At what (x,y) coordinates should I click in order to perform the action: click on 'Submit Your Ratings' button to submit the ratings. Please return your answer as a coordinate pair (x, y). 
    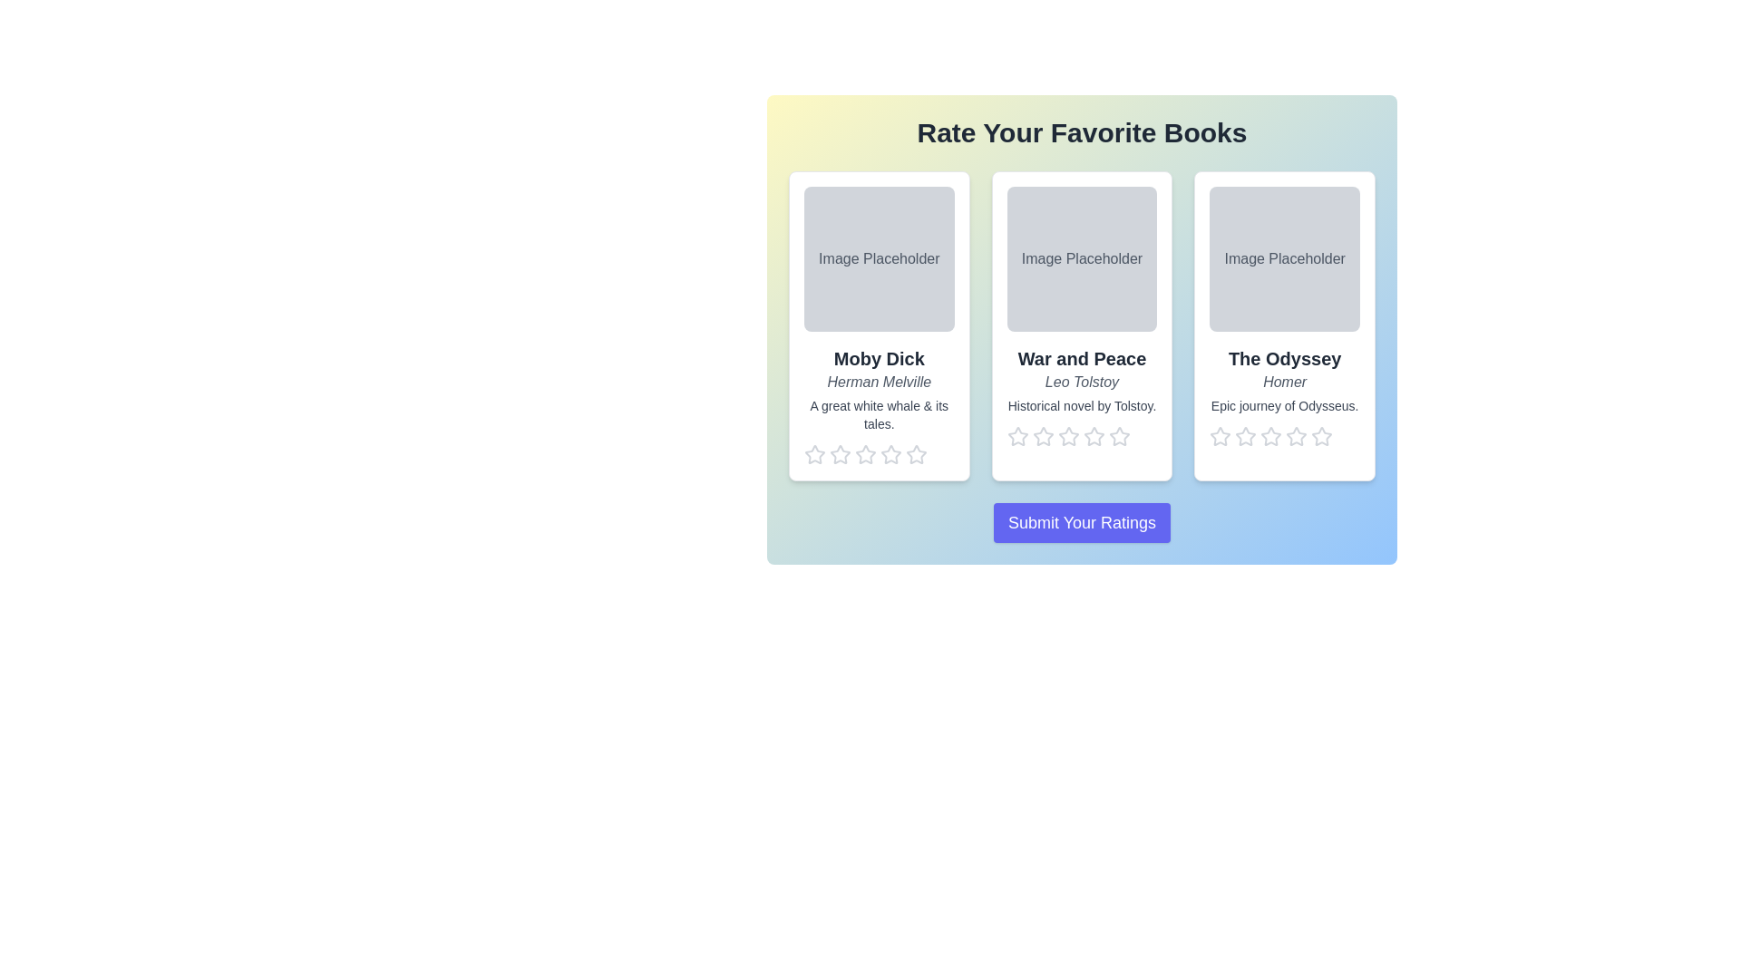
    Looking at the image, I should click on (1082, 523).